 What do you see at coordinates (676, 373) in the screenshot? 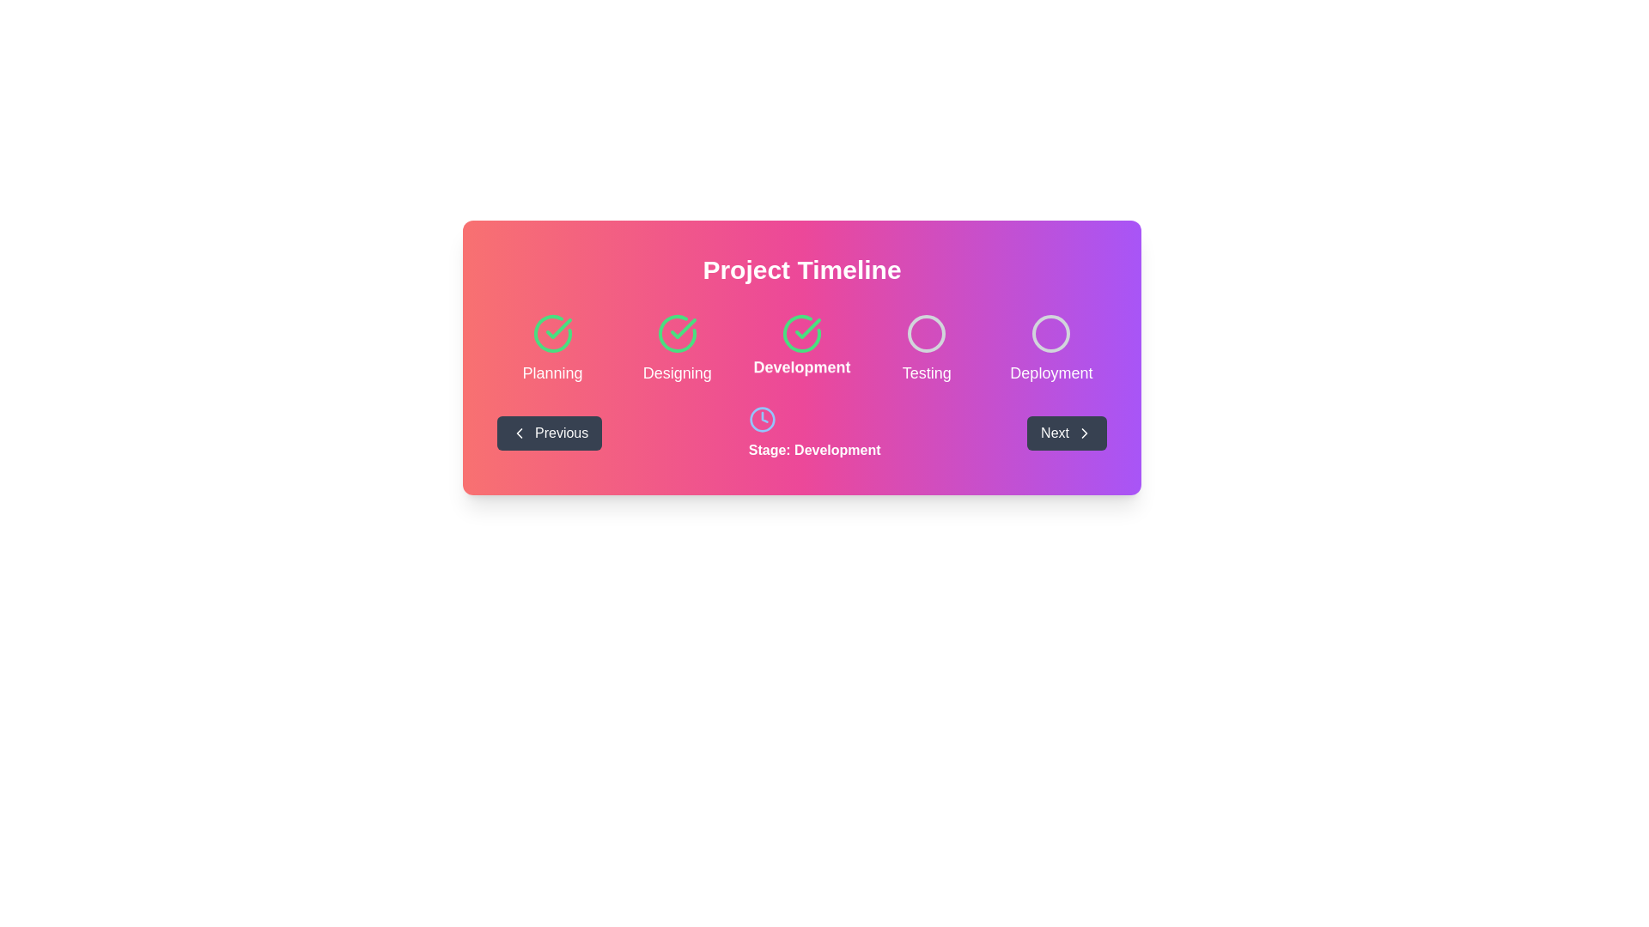
I see `the text label displaying 'Designing', which is styled in a light color over a gradient background and located below the check mark icon, indicating the completed task in the 'Designing' stage of the project timeline` at bounding box center [676, 373].